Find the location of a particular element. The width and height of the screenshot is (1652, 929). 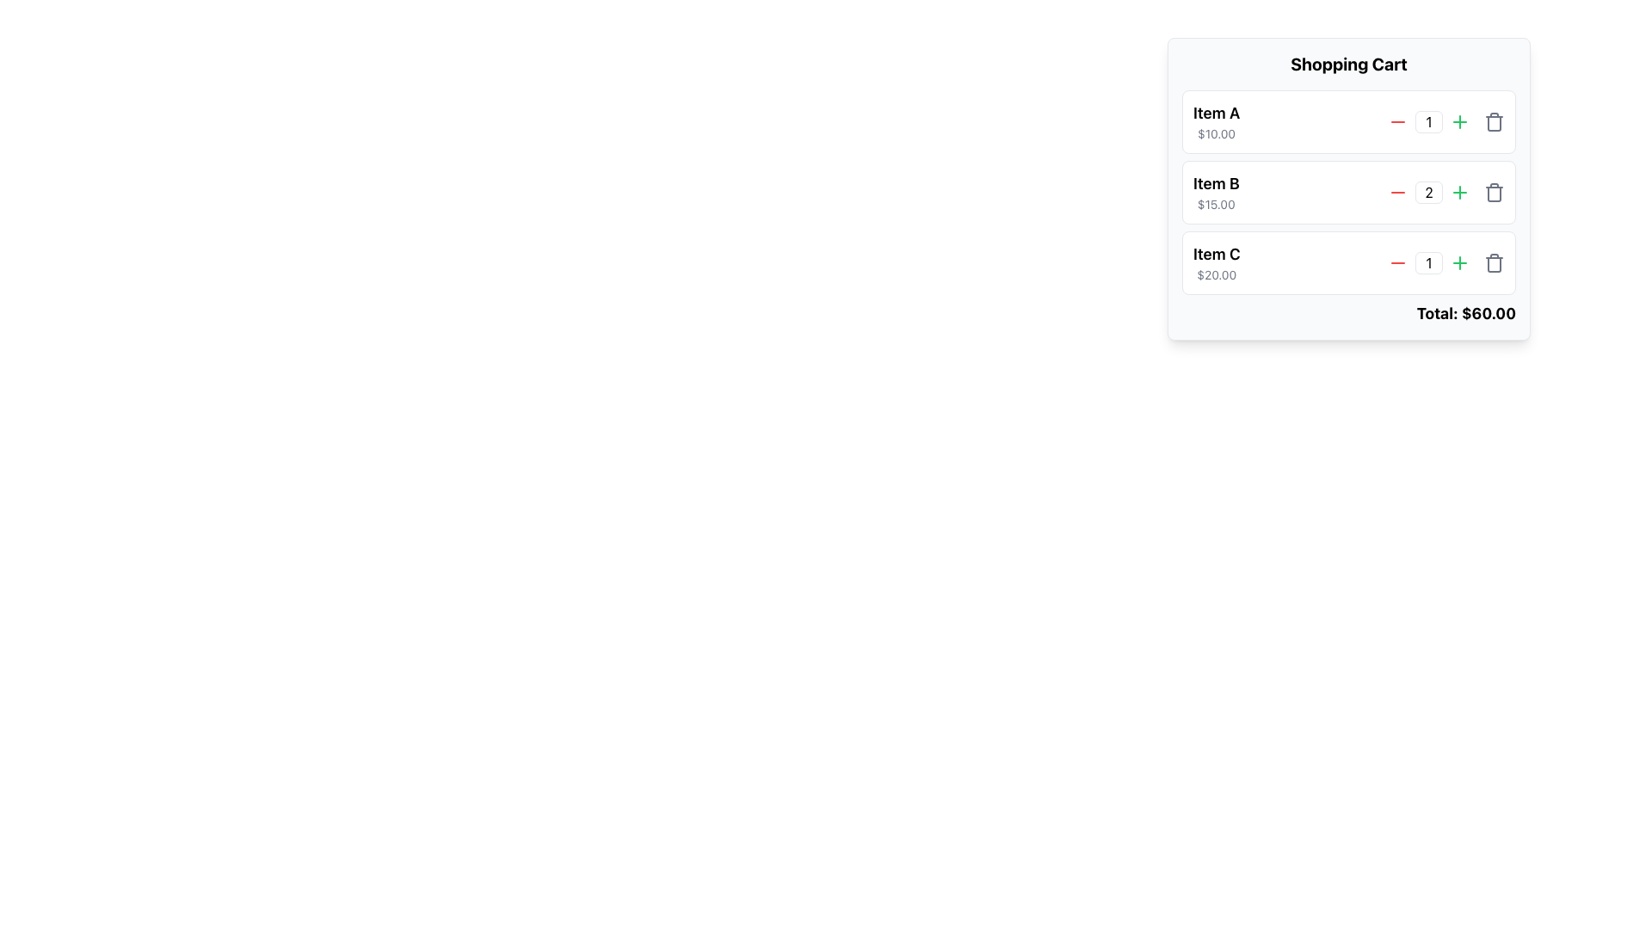

the text label indicating the product title located directly above the price in the shopping cart interface is located at coordinates (1216, 255).